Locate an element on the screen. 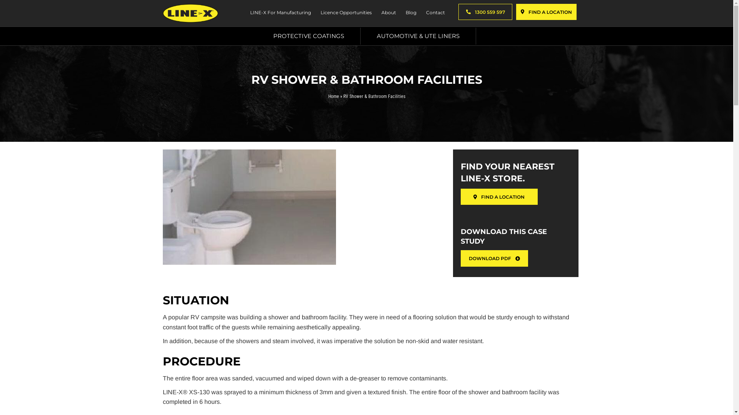  'Home' is located at coordinates (333, 96).